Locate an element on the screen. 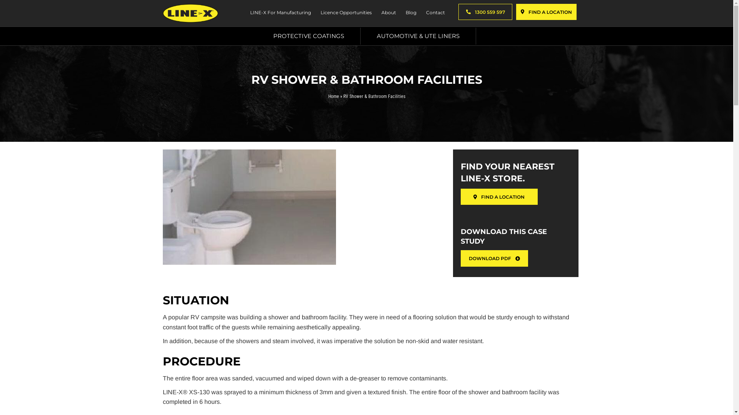  'Home' is located at coordinates (333, 96).